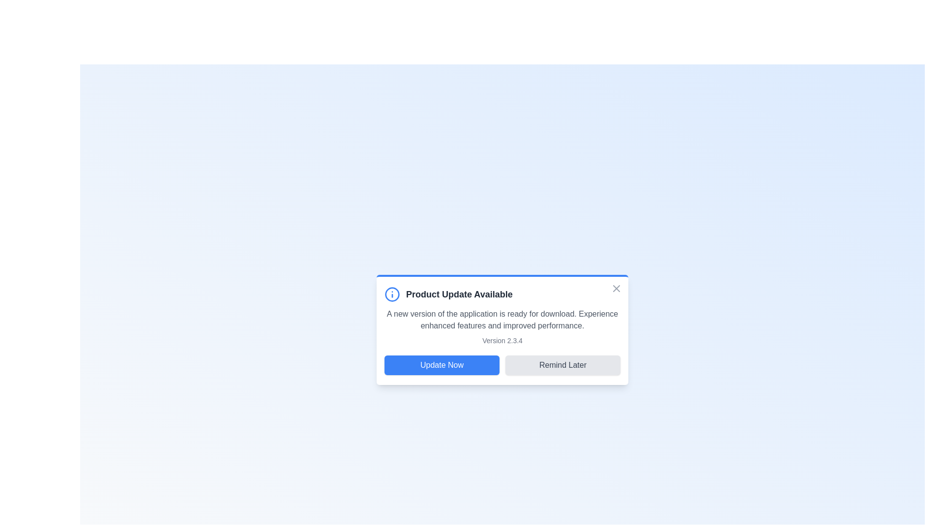 This screenshot has height=531, width=944. What do you see at coordinates (616, 288) in the screenshot?
I see `the 'X' button to close the notification` at bounding box center [616, 288].